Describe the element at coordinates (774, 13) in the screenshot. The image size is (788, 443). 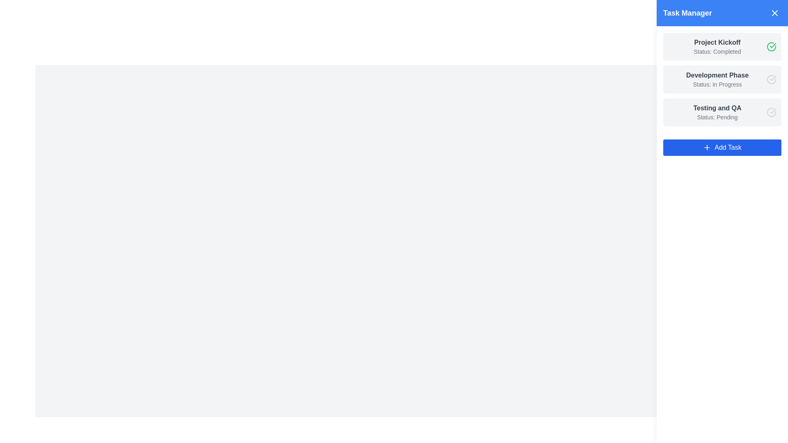
I see `the close button located in the top-right corner of the blue header bar labeled 'Task Manager'` at that location.